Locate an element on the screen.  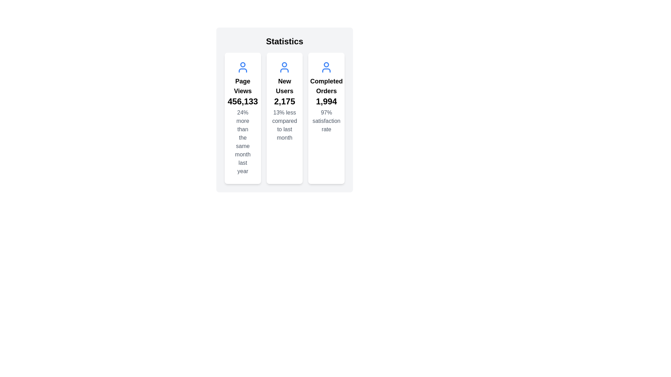
the user statistics icon located in the upper-middle section of the third card labeled 'Completed Orders', positioned directly above the text '1,994' is located at coordinates (326, 65).